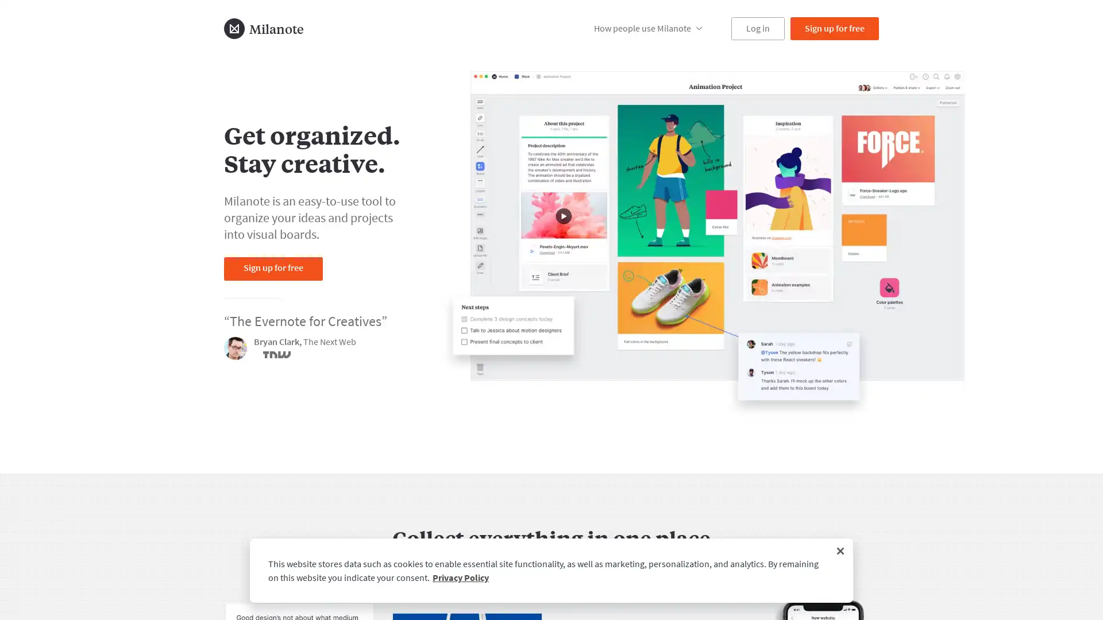  What do you see at coordinates (840, 551) in the screenshot?
I see `Close` at bounding box center [840, 551].